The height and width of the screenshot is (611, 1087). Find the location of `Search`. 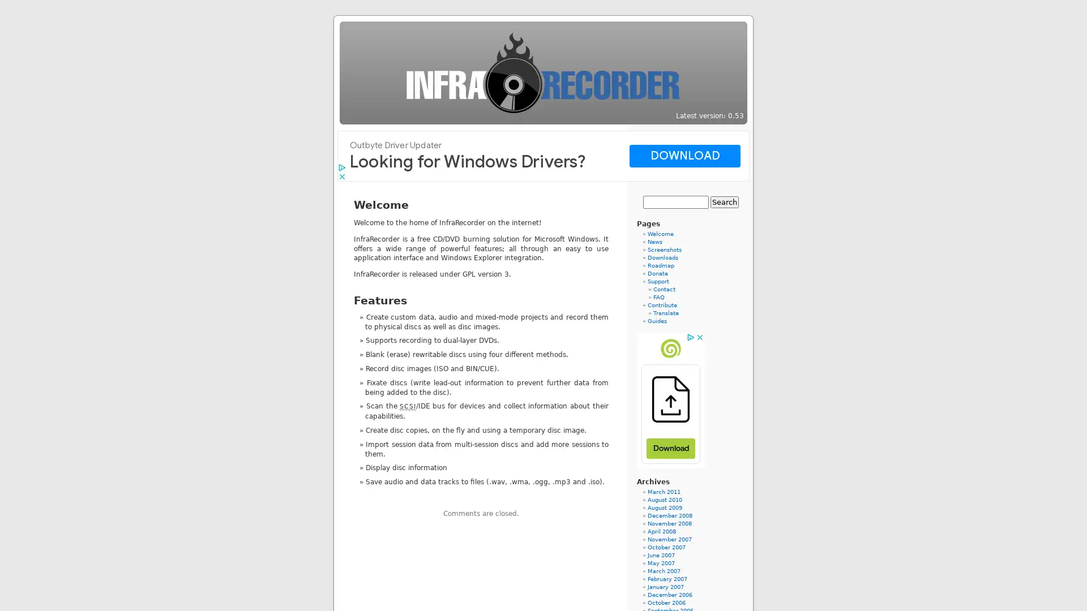

Search is located at coordinates (723, 201).